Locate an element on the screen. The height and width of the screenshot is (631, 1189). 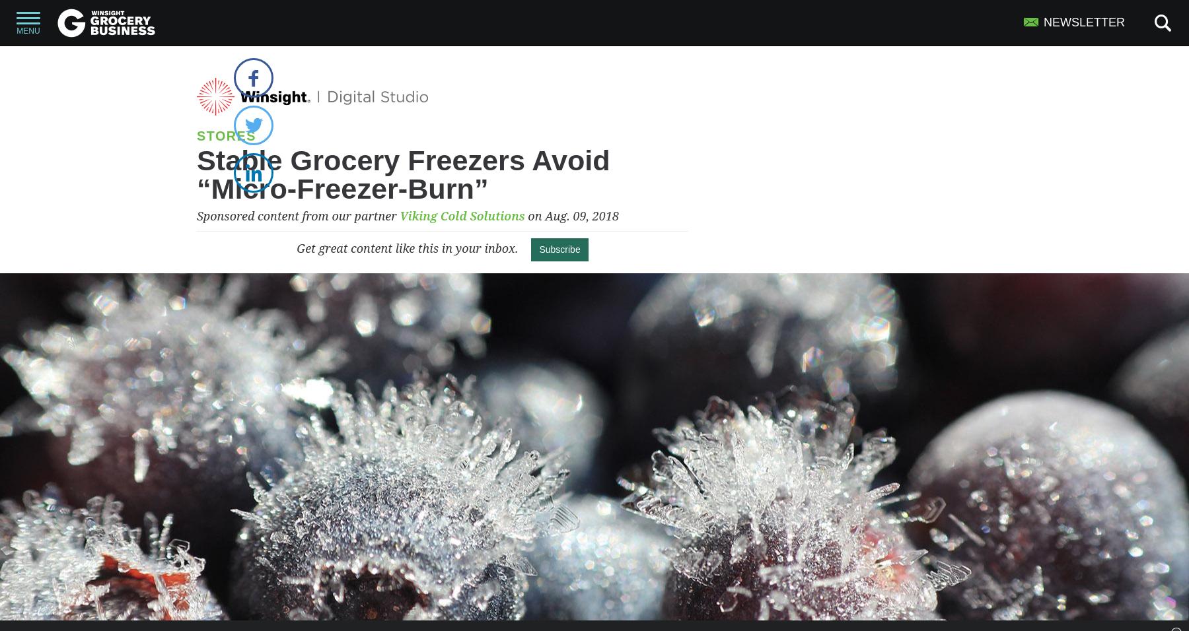
'Edit' is located at coordinates (583, 58).